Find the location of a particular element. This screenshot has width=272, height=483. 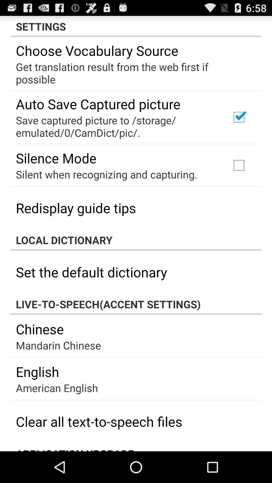

clear all text is located at coordinates (99, 421).